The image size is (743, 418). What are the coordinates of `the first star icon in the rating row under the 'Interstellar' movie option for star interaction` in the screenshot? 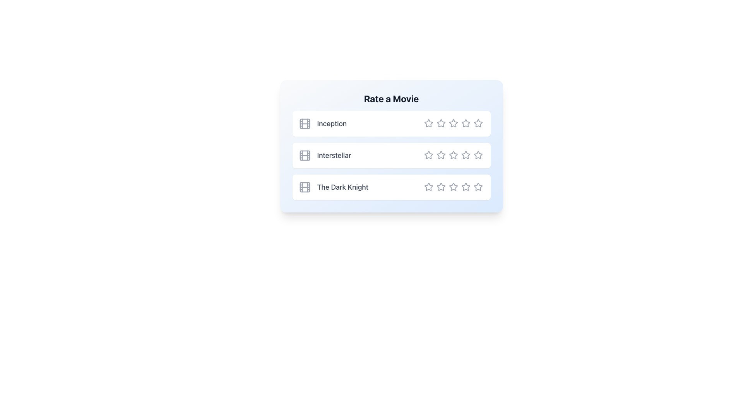 It's located at (428, 155).